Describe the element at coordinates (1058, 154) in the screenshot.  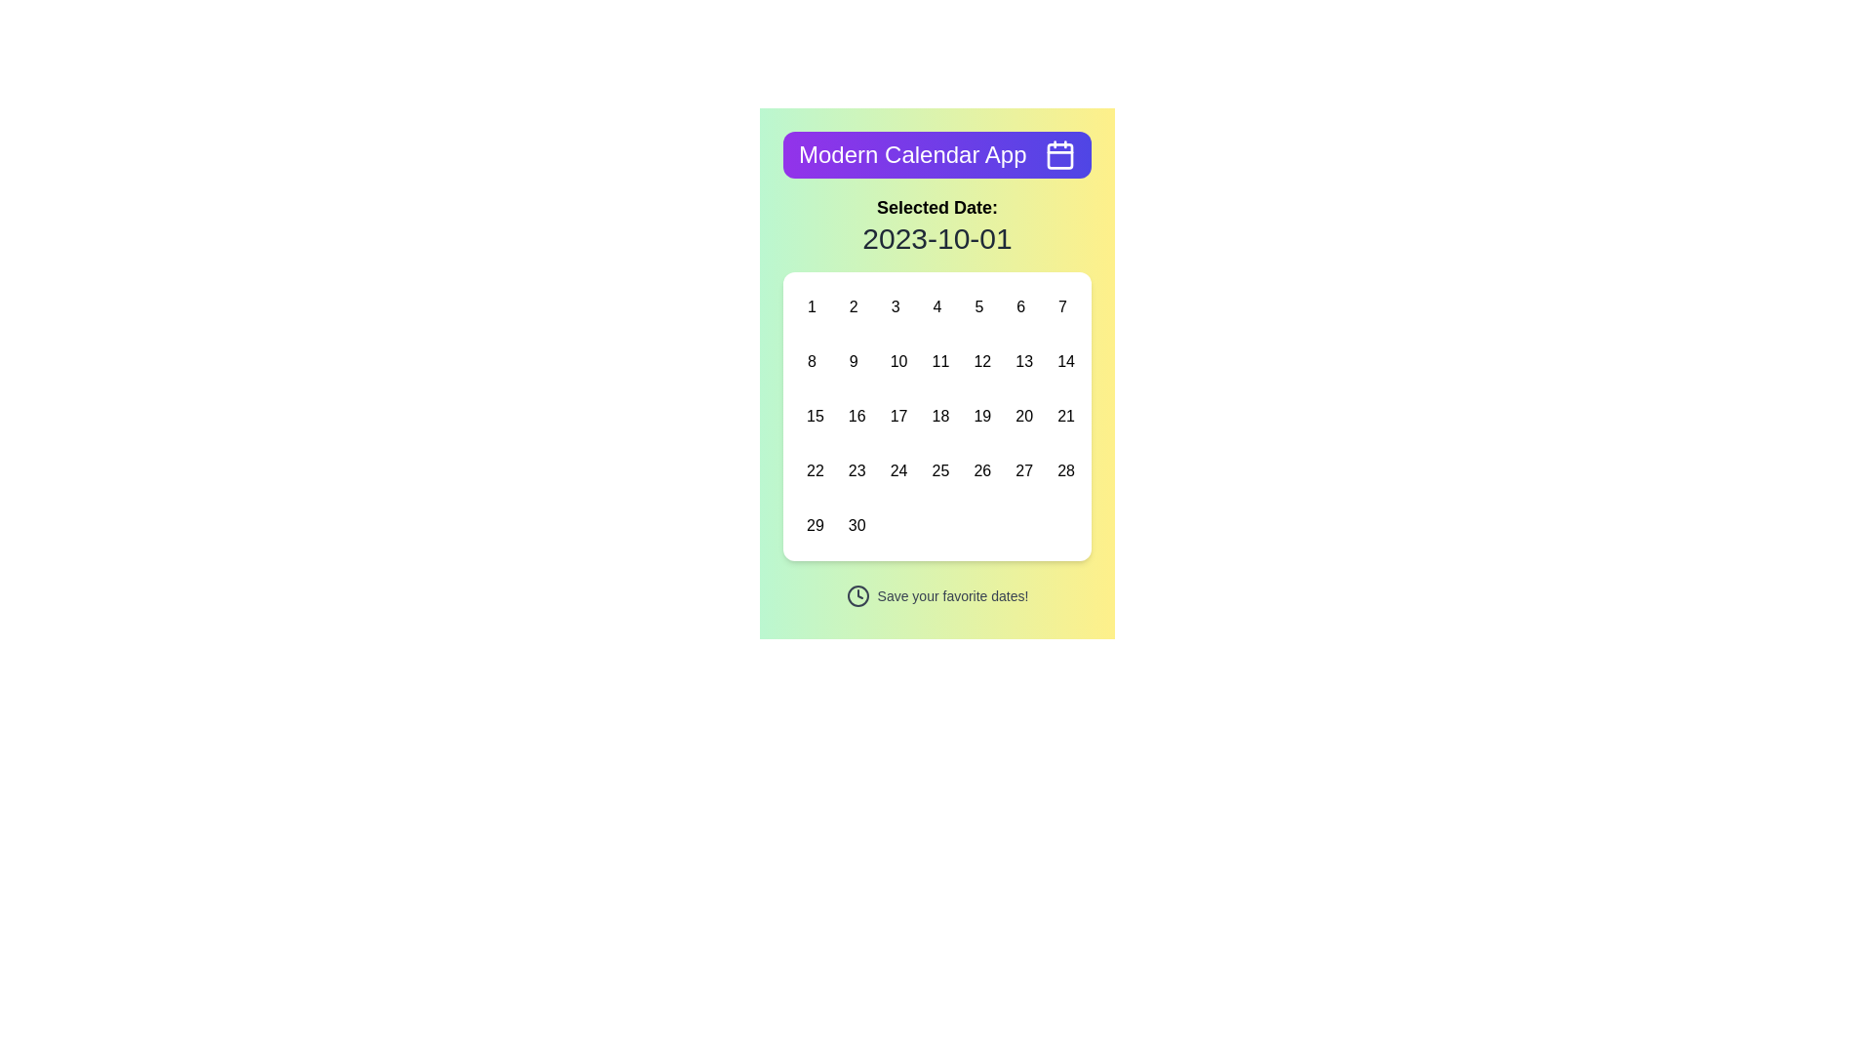
I see `the central portion of the calendar icon, which is a rounded rectangle with a purple background located at the top-right side of the application header` at that location.